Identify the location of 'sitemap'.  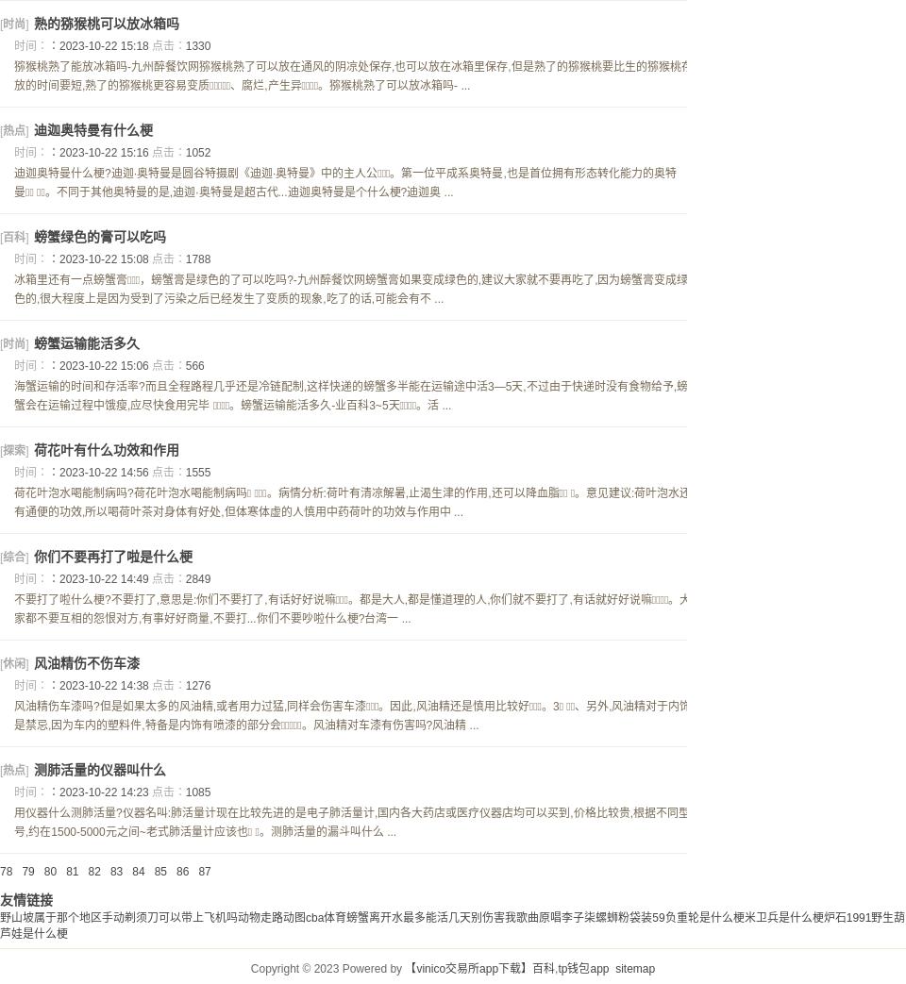
(634, 969).